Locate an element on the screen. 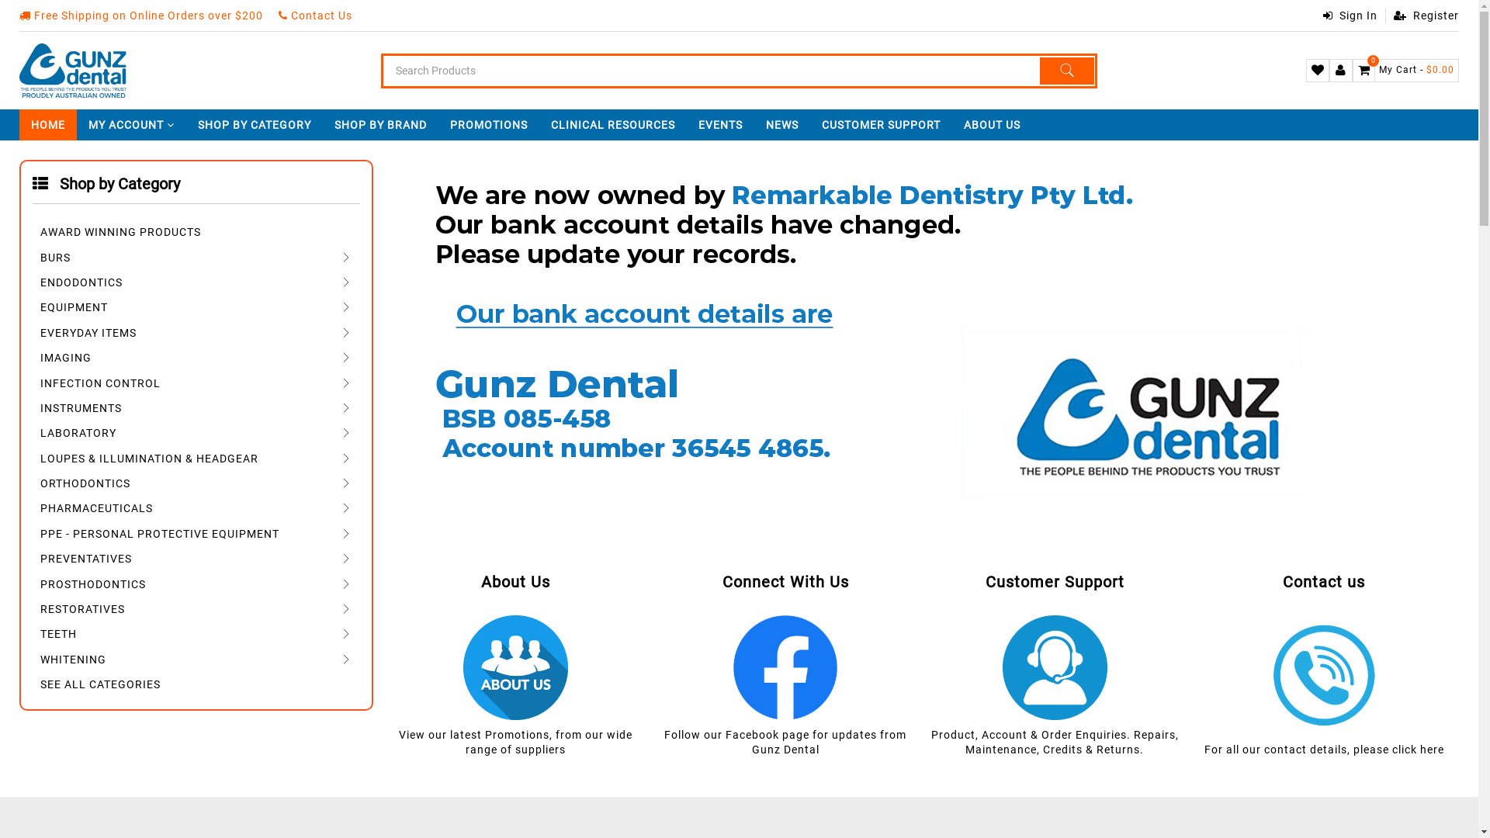 The width and height of the screenshot is (1490, 838). 'BURS' is located at coordinates (196, 256).